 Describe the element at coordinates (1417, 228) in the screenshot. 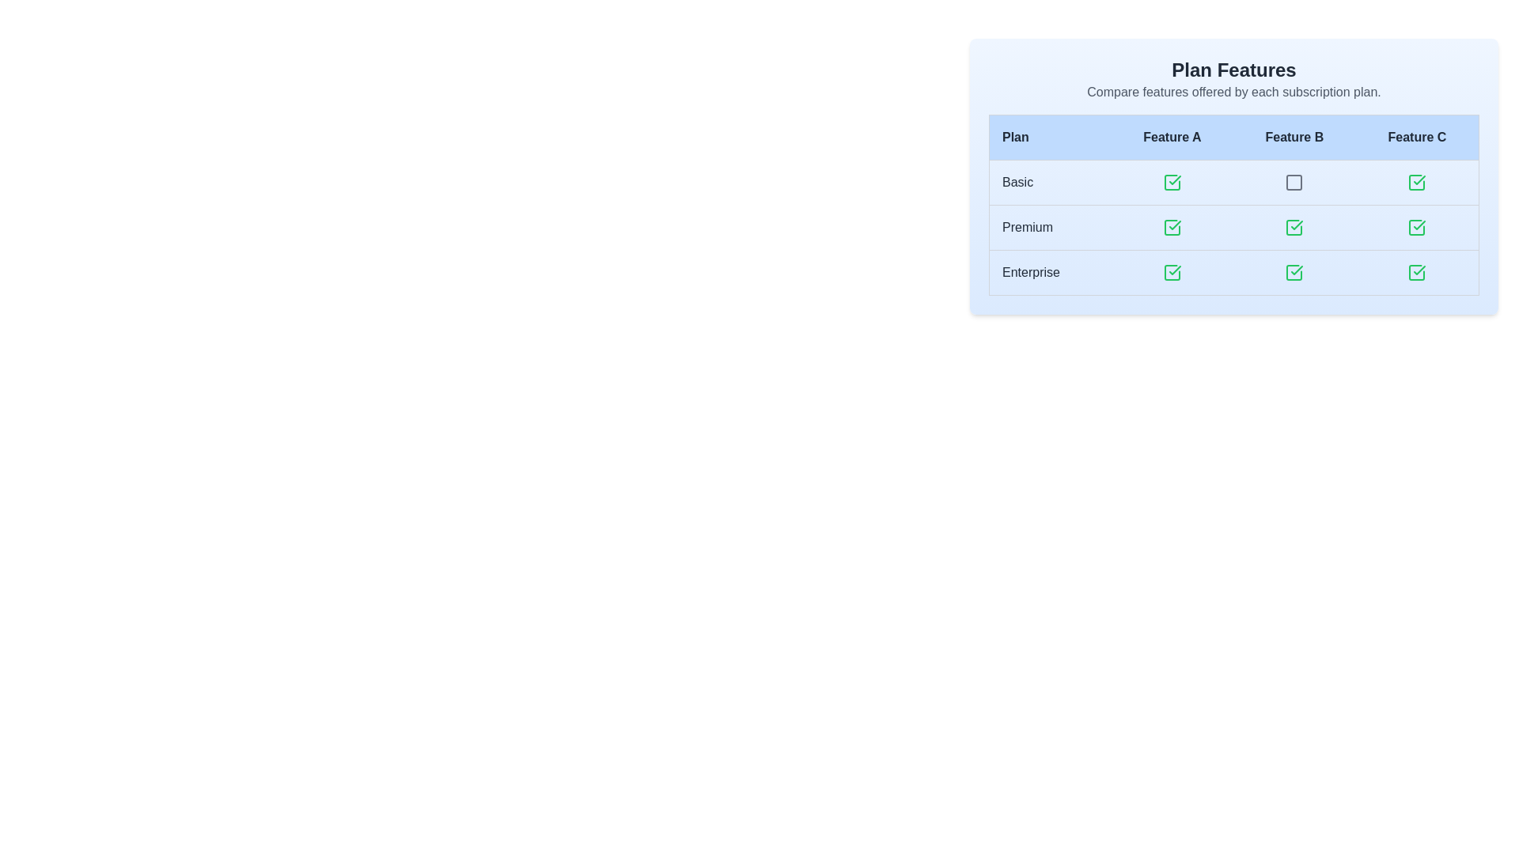

I see `the outlined green checkbox icon with a tick mark inside, located in the 'Premium' plan row under the 'Feature C' column` at that location.